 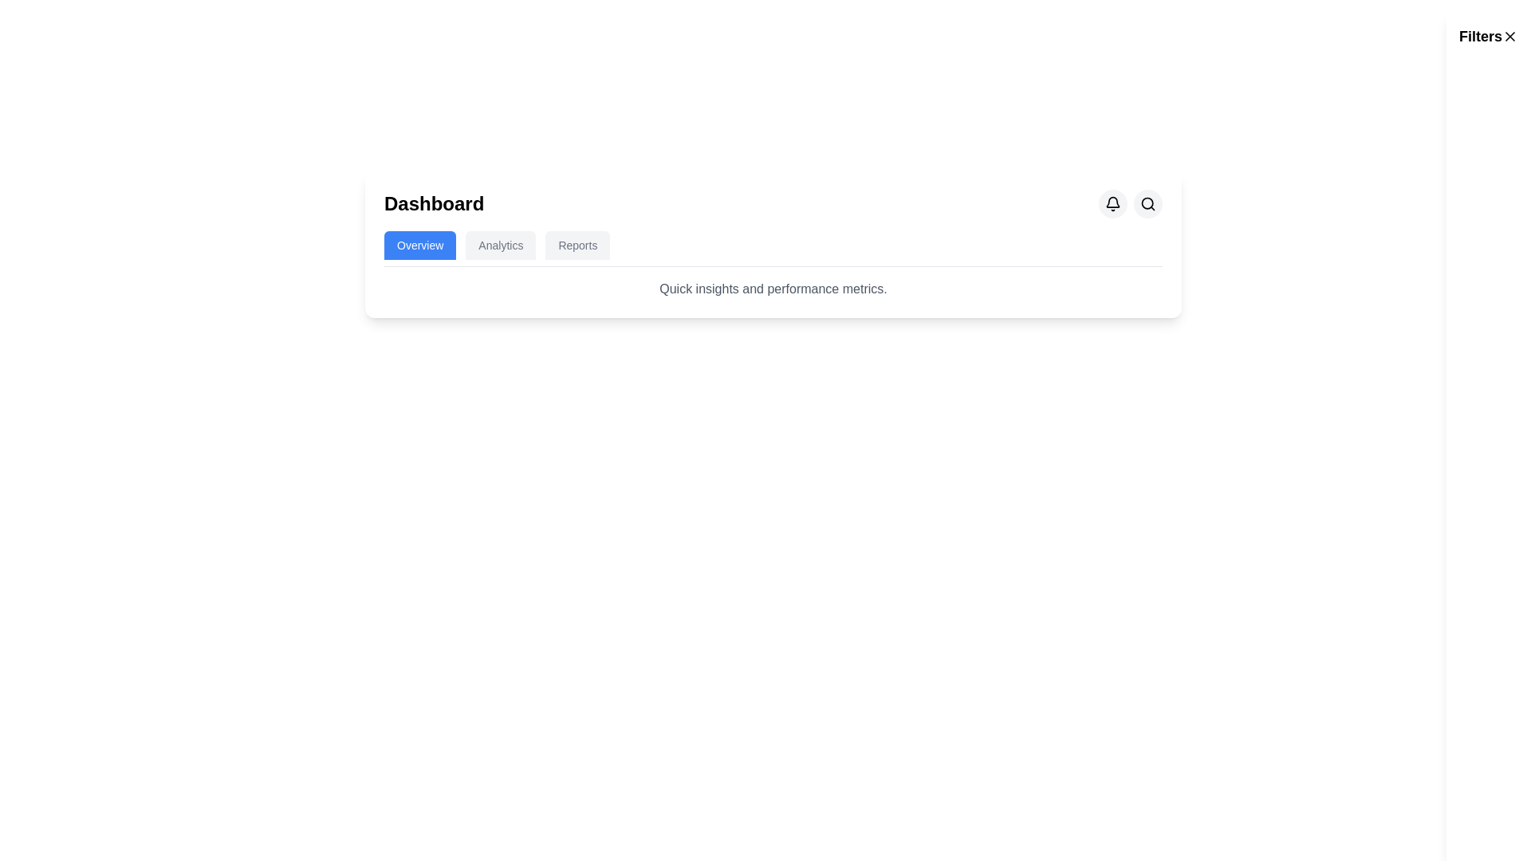 I want to click on the informational header Static Text located, so click(x=773, y=289).